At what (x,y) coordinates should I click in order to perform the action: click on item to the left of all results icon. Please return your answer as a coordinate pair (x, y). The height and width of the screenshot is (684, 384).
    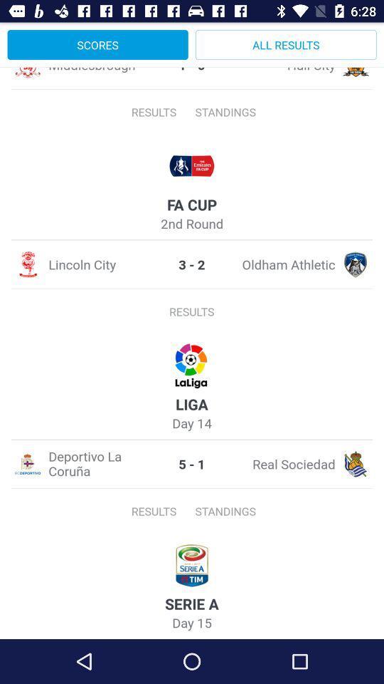
    Looking at the image, I should click on (97, 44).